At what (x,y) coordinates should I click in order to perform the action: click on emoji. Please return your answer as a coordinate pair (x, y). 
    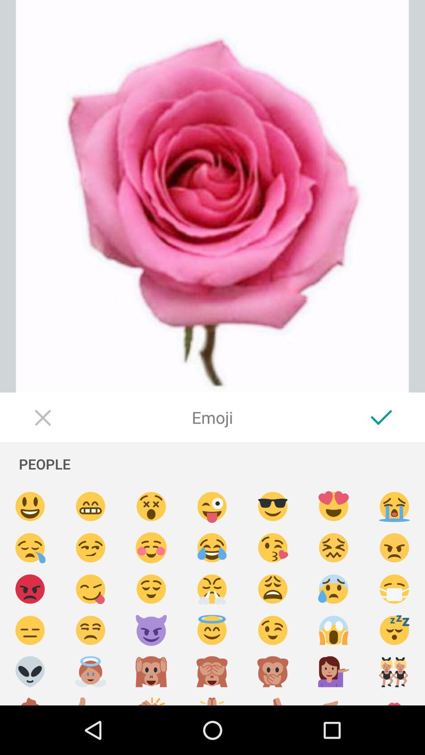
    Looking at the image, I should click on (90, 699).